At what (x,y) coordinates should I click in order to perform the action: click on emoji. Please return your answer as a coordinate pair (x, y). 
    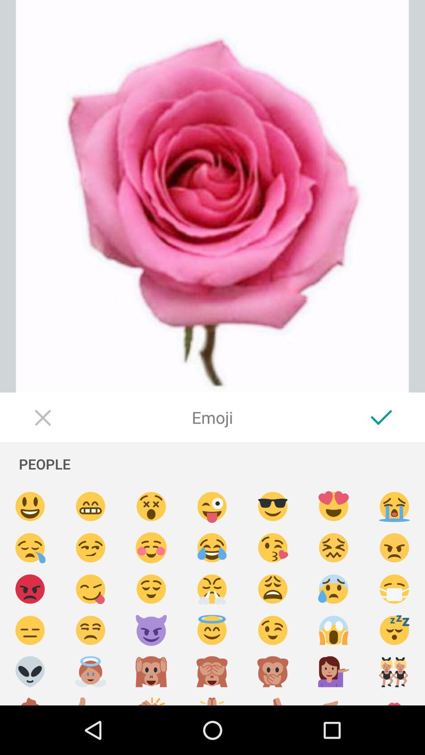
    Looking at the image, I should click on (90, 699).